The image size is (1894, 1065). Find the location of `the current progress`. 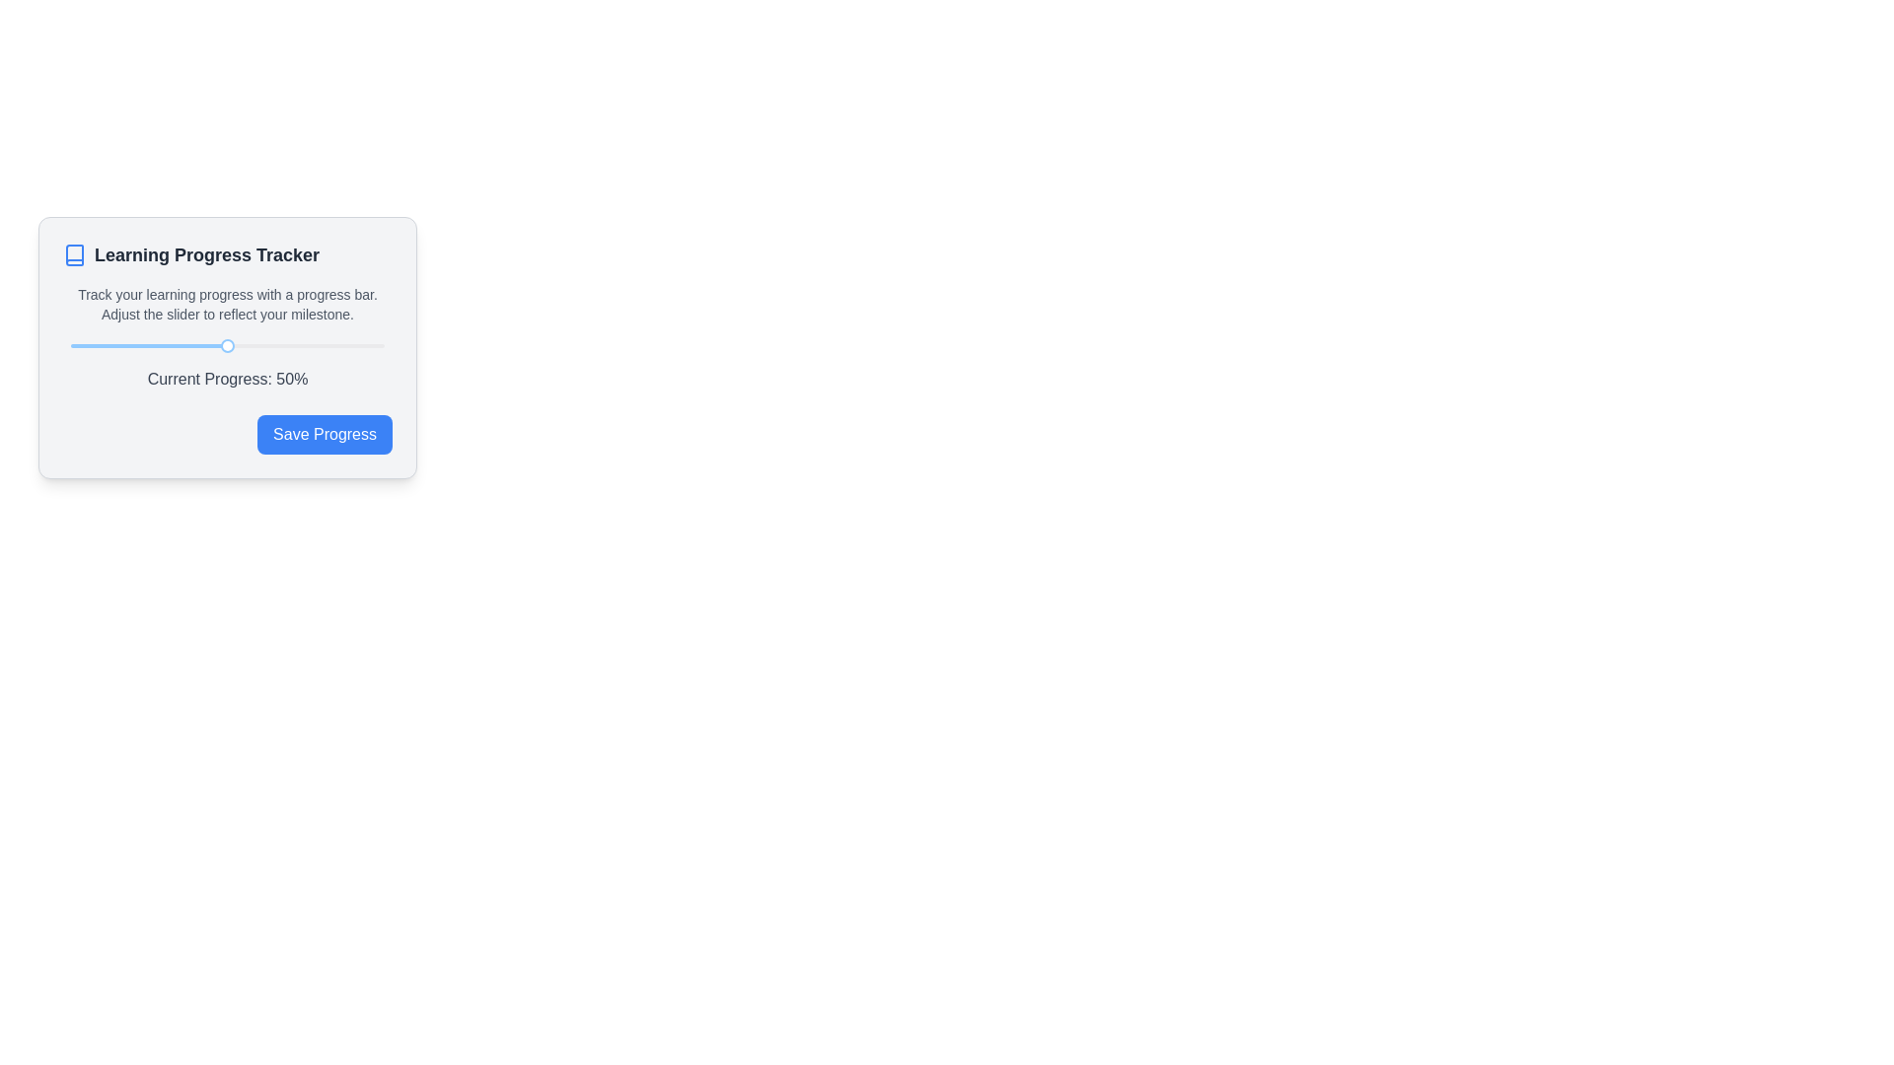

the current progress is located at coordinates (227, 345).